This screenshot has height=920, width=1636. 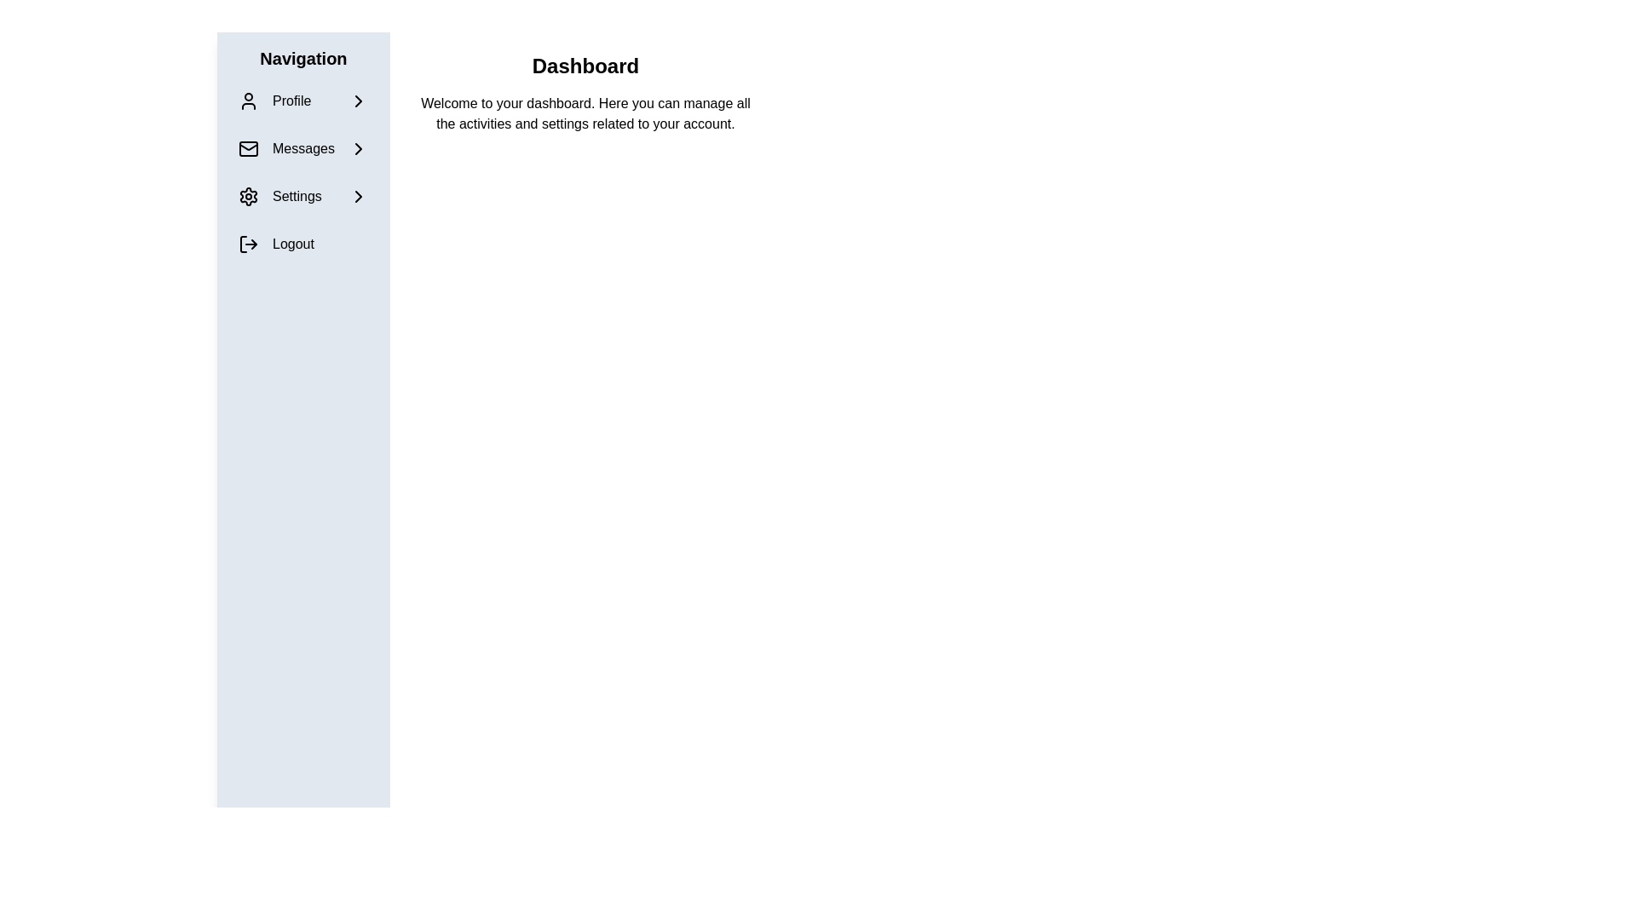 What do you see at coordinates (303, 147) in the screenshot?
I see `the 'Messages' navigation label located in the vertical sidebar on the left side of the interface, which is the second item in the list of options` at bounding box center [303, 147].